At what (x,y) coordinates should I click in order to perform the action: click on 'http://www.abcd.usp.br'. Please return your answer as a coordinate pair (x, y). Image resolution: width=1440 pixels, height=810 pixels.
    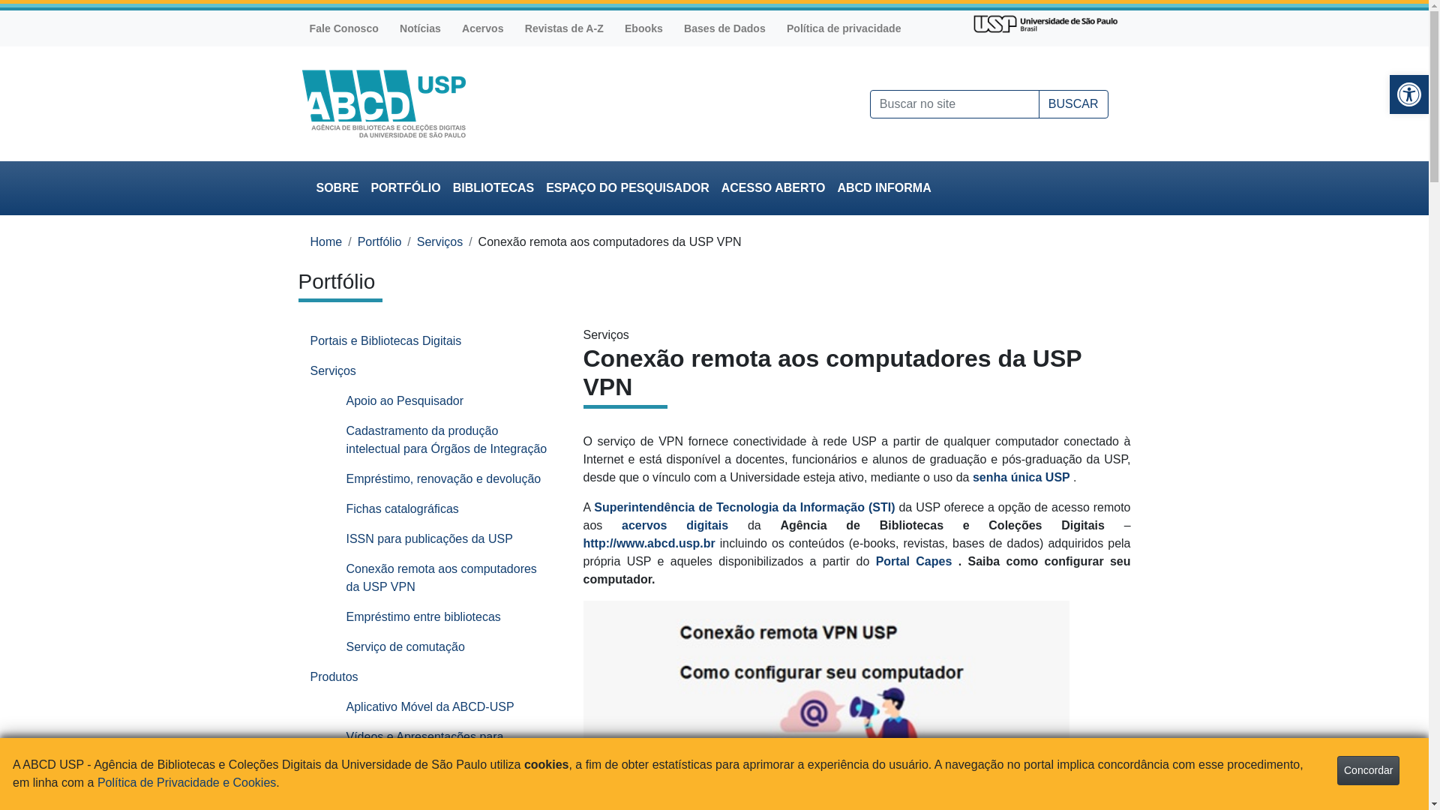
    Looking at the image, I should click on (582, 543).